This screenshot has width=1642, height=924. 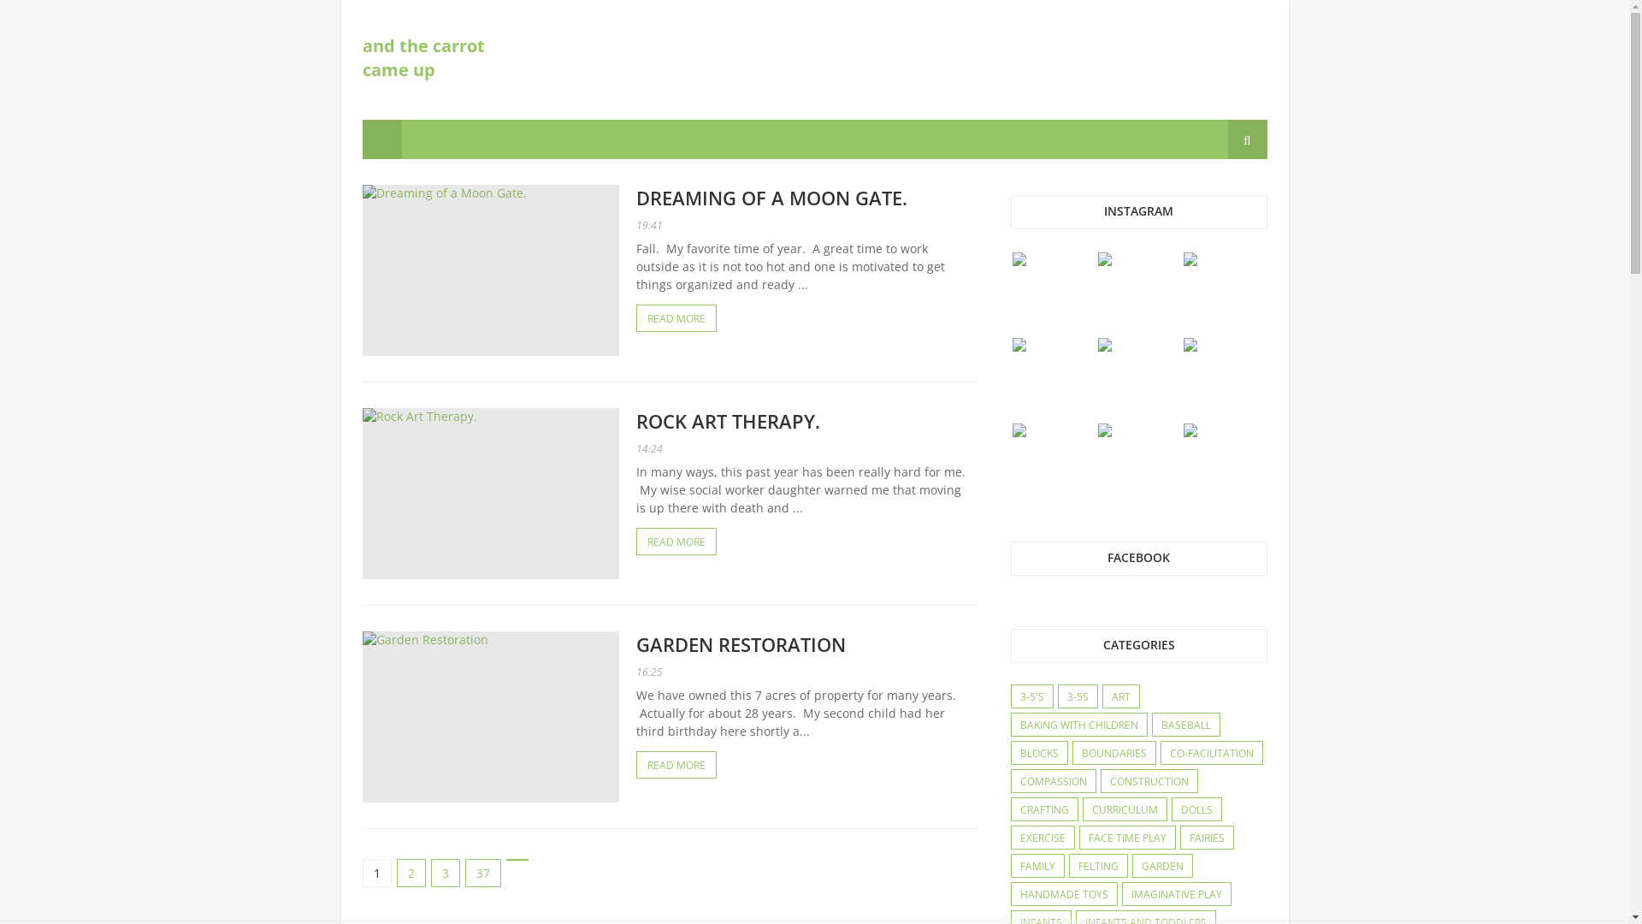 What do you see at coordinates (1124, 809) in the screenshot?
I see `'CURRICULUM'` at bounding box center [1124, 809].